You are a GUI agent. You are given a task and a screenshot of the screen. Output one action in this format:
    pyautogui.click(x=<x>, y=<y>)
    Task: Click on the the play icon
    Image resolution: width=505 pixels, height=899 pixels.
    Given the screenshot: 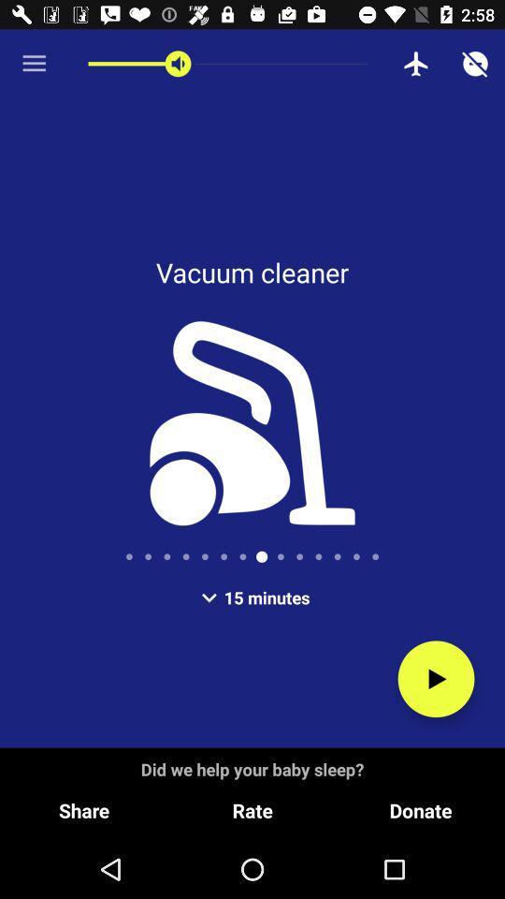 What is the action you would take?
    pyautogui.click(x=436, y=678)
    